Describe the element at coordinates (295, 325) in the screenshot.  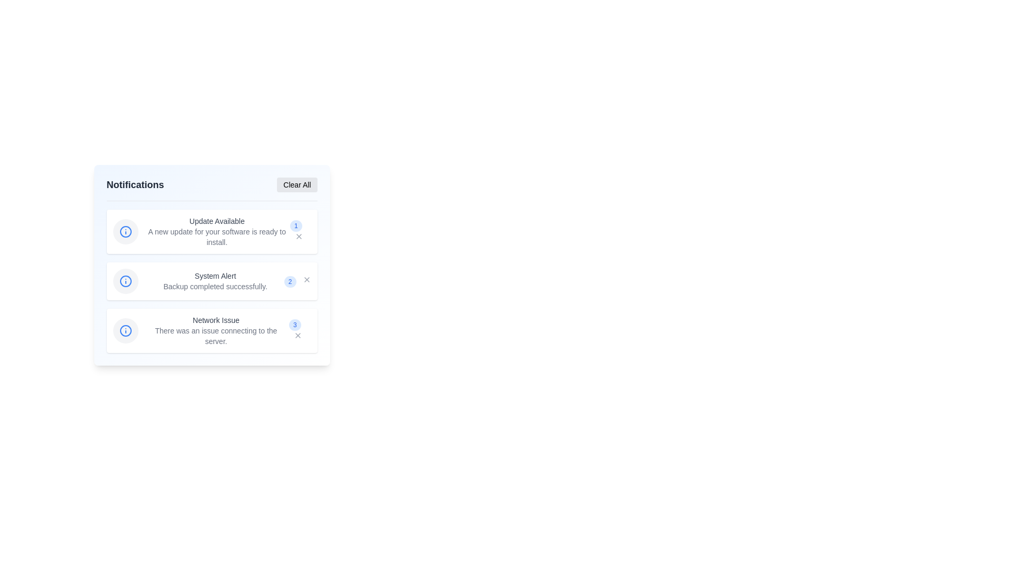
I see `the content of the badge indicating the number of messages or notifications related to the 'Network Issue' notification, located to the right of the corresponding text and below the 'System Alert' and 'Update Available' badges` at that location.